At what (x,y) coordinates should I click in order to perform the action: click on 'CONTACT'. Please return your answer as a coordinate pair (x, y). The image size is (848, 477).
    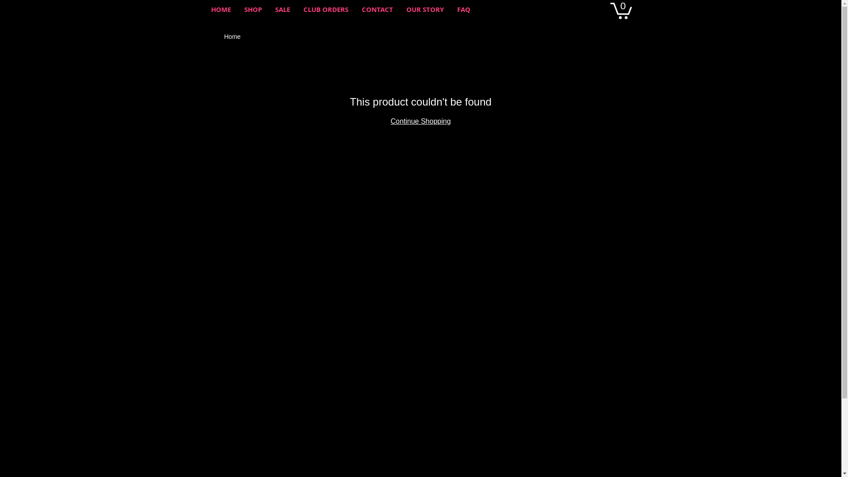
    Looking at the image, I should click on (377, 10).